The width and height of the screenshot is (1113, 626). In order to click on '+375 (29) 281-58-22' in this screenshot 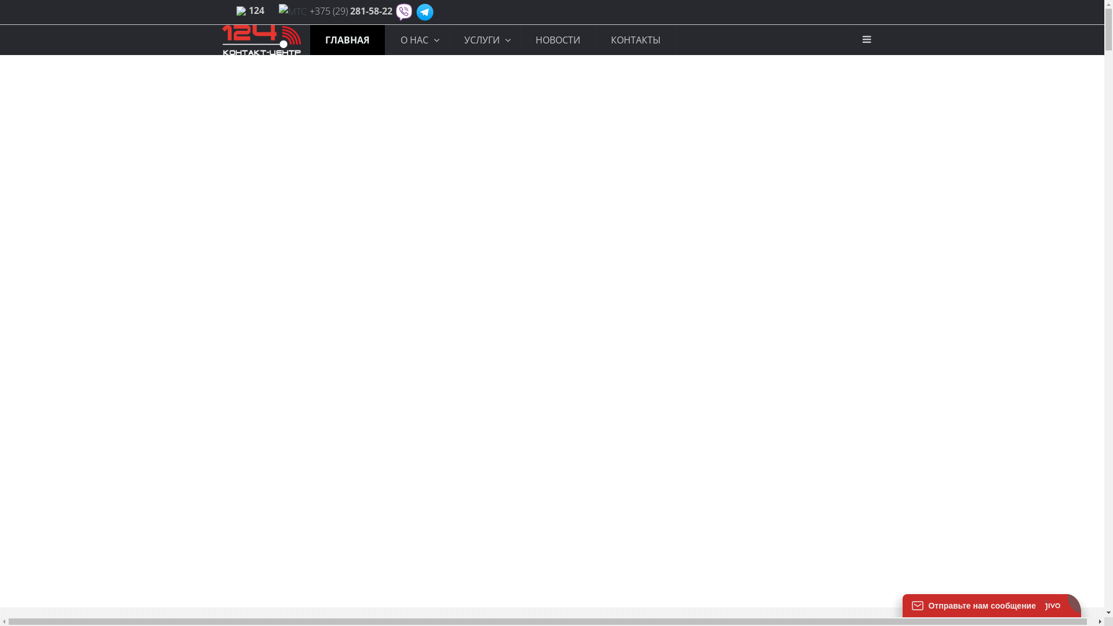, I will do `click(350, 11)`.